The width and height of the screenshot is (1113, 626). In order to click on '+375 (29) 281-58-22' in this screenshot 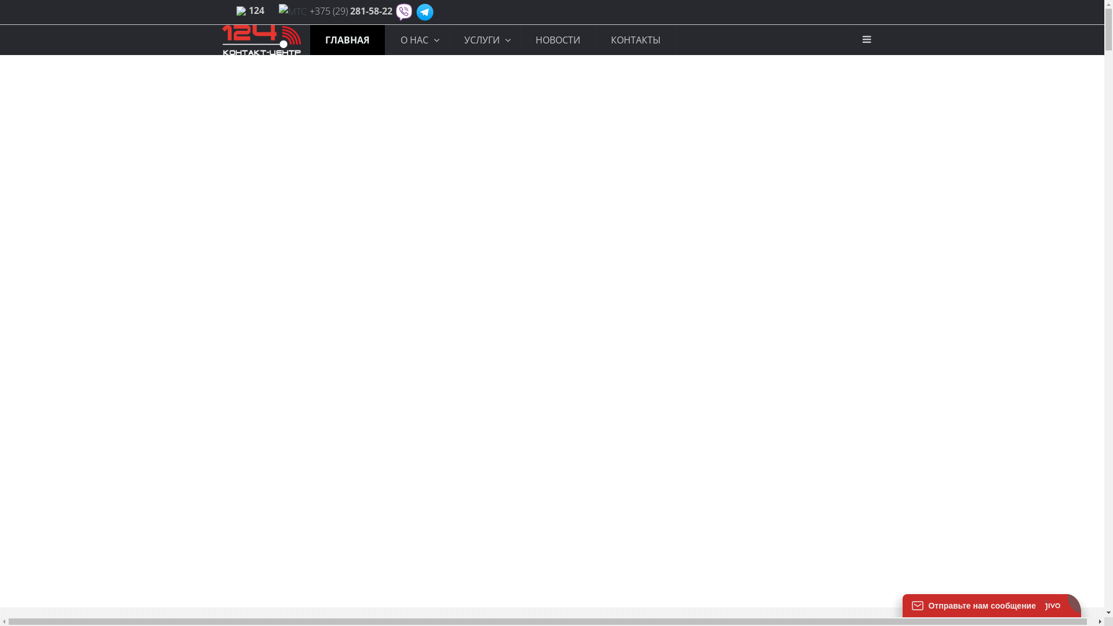, I will do `click(350, 11)`.